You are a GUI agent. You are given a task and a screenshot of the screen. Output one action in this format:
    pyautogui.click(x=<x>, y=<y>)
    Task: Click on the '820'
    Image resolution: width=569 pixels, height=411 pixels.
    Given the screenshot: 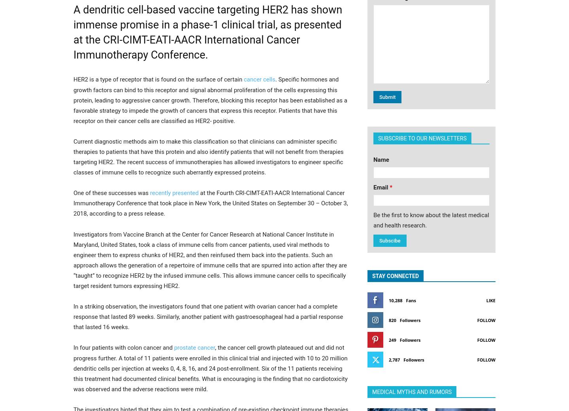 What is the action you would take?
    pyautogui.click(x=392, y=320)
    